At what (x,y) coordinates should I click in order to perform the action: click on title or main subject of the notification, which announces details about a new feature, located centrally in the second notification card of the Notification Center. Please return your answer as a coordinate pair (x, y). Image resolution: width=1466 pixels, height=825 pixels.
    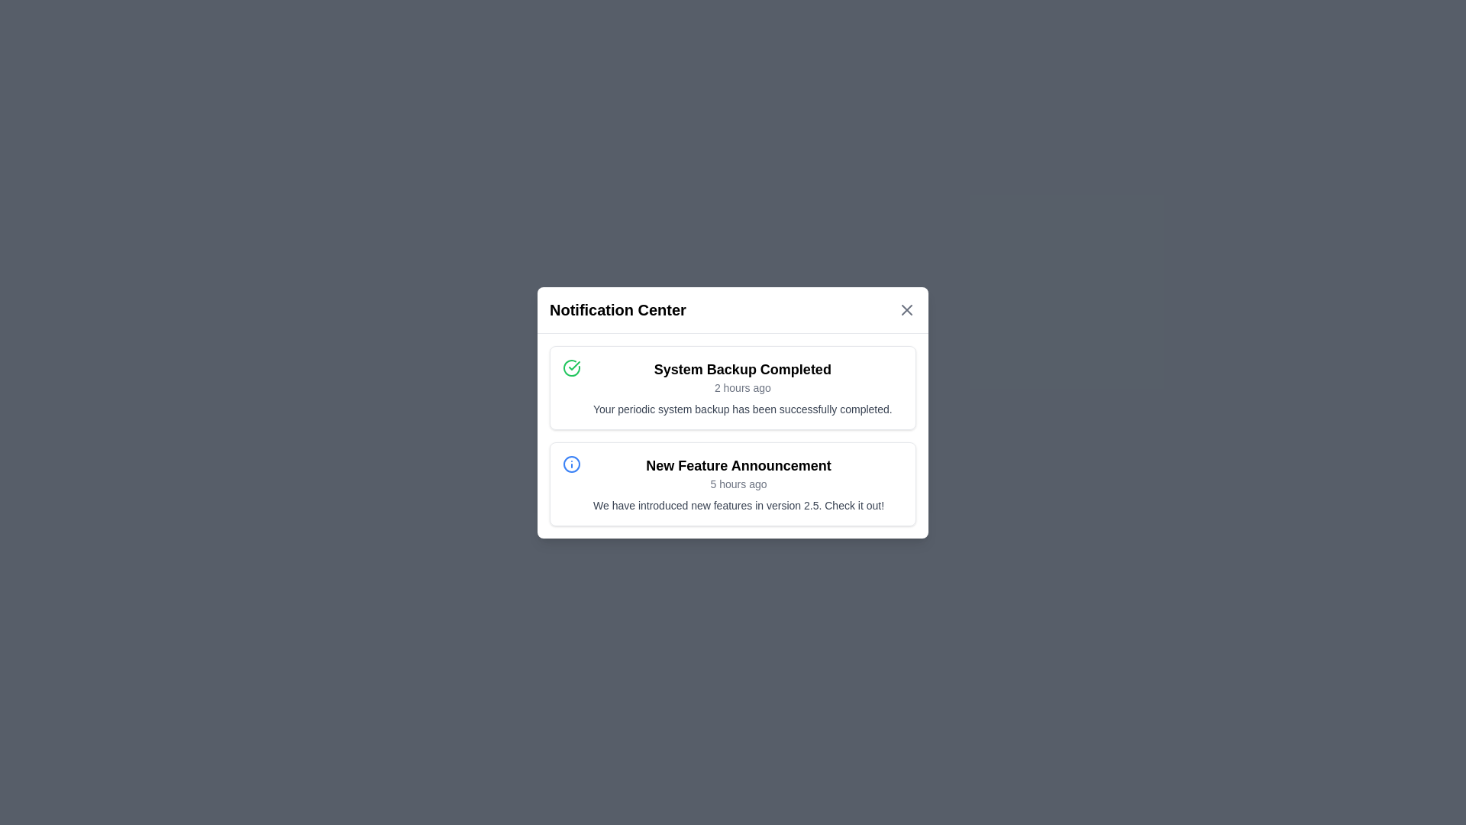
    Looking at the image, I should click on (738, 464).